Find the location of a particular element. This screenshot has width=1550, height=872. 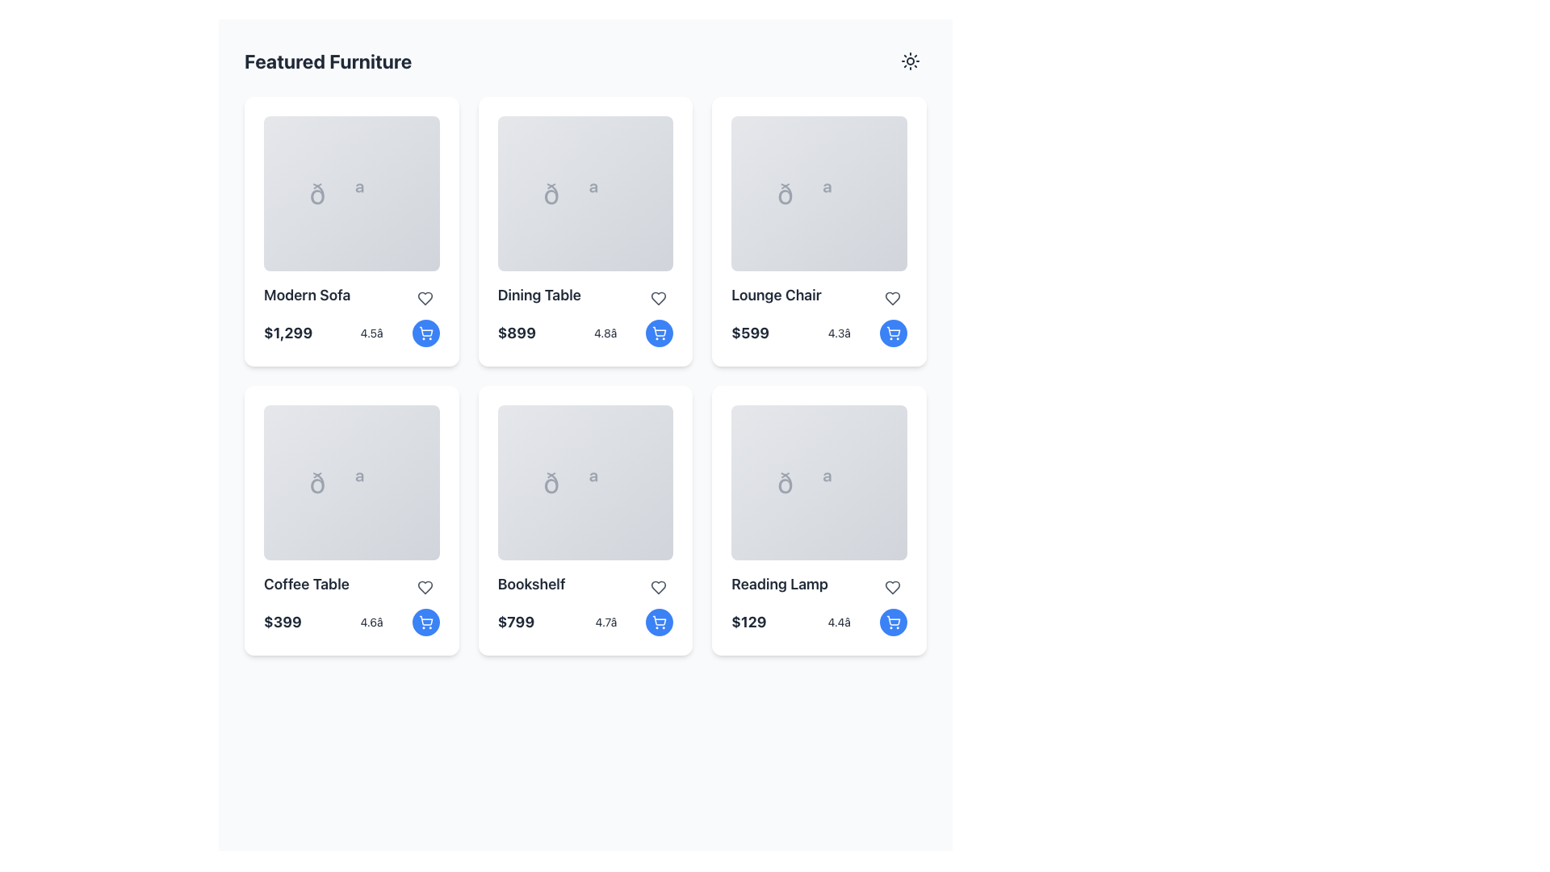

the first product card in the grid layout that displays information about a furniture item for sale is located at coordinates (350, 231).